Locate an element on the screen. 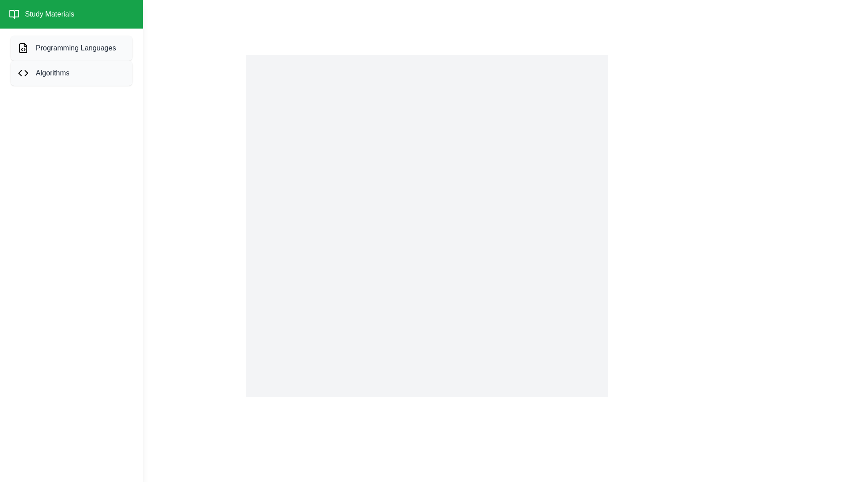  the item Algorithms from the list in the drawer is located at coordinates (71, 73).